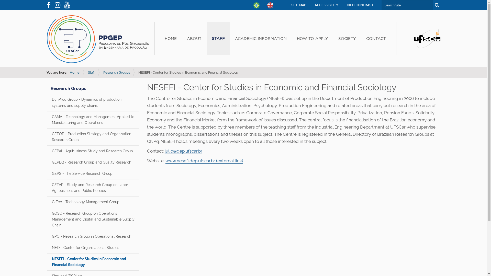 The width and height of the screenshot is (491, 276). Describe the element at coordinates (91, 72) in the screenshot. I see `'Staff'` at that location.